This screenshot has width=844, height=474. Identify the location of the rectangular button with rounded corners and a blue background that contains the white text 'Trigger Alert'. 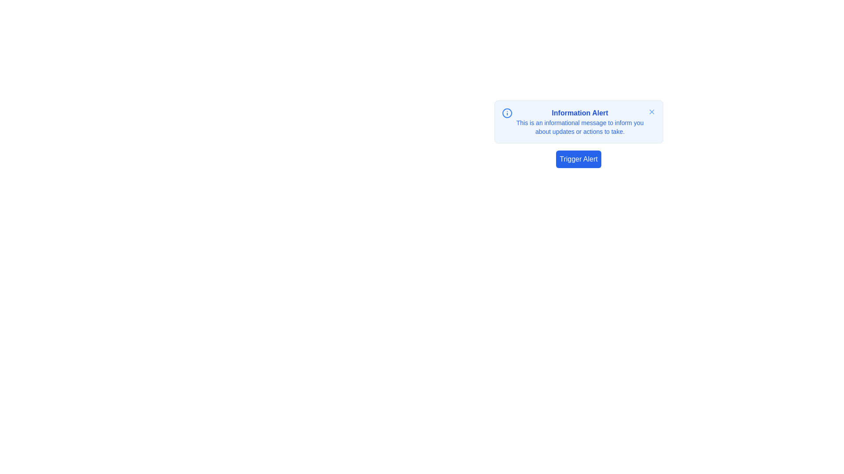
(578, 159).